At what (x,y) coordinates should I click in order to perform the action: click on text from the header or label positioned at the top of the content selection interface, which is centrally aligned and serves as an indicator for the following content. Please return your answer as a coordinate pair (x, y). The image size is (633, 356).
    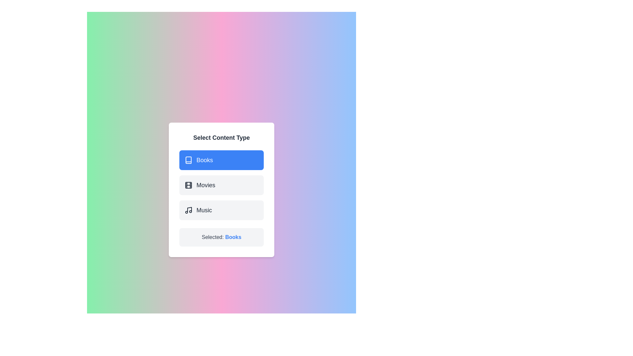
    Looking at the image, I should click on (222, 137).